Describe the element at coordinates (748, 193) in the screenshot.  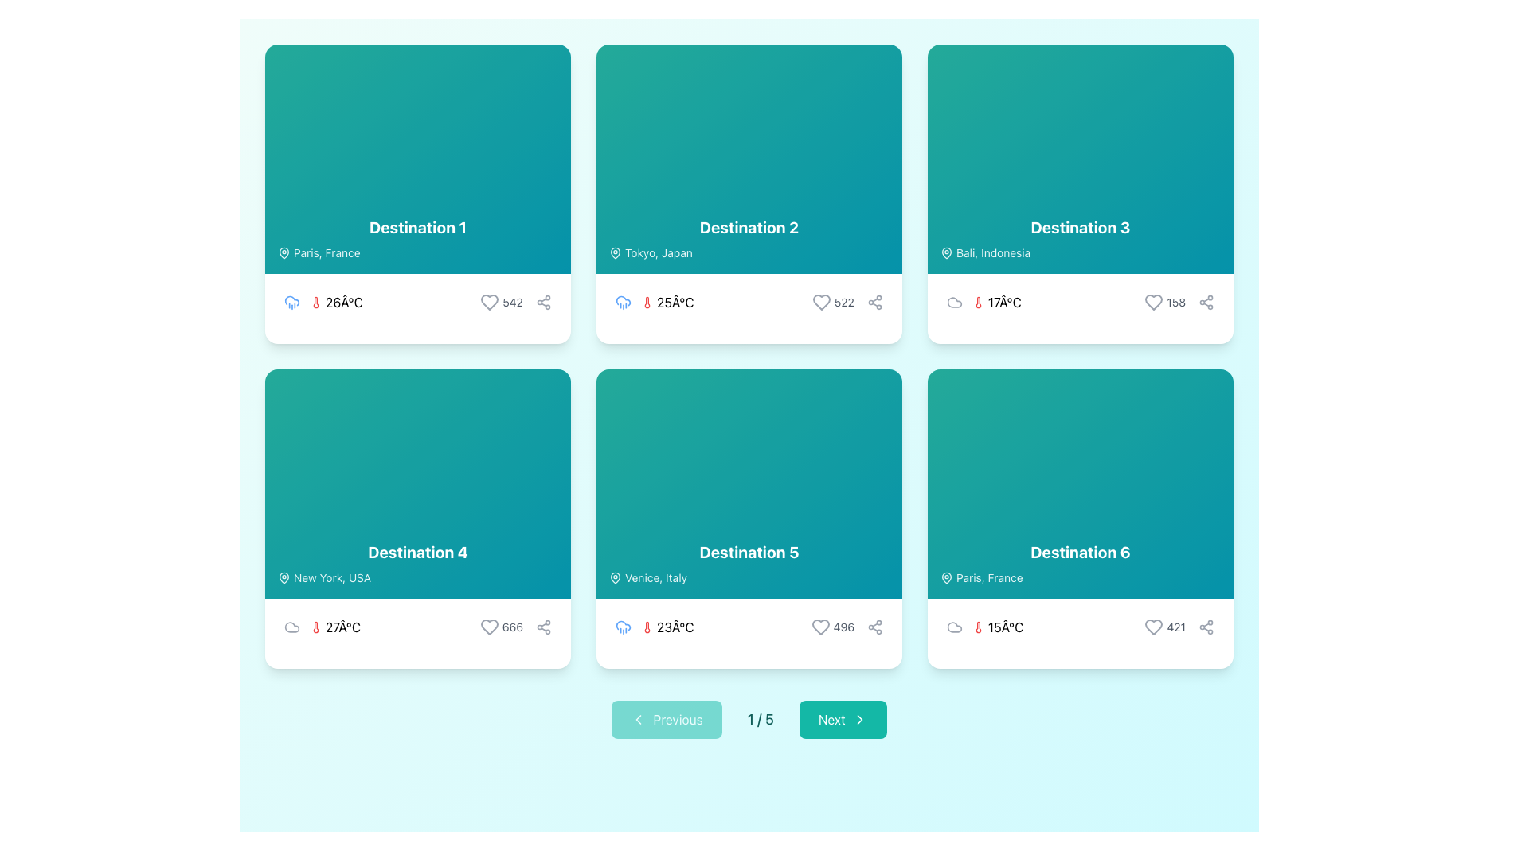
I see `the Card component showcasing information about a travel destination, located in the middle of the first row in a grid layout` at that location.